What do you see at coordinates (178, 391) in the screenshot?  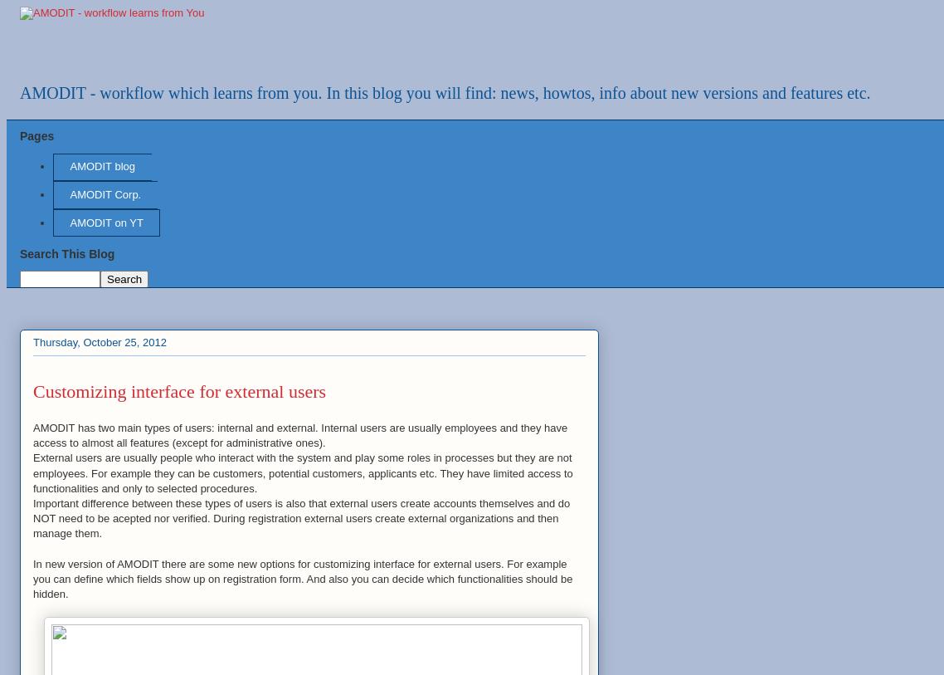 I see `'Customizing interface for external users'` at bounding box center [178, 391].